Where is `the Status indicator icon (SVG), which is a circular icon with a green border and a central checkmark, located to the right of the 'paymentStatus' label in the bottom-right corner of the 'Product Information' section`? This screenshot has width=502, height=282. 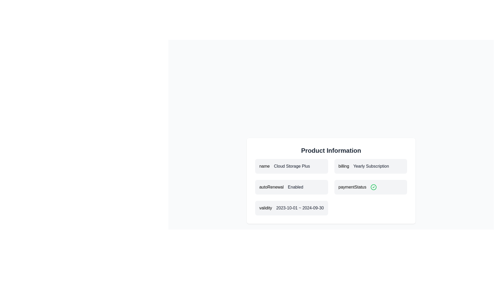
the Status indicator icon (SVG), which is a circular icon with a green border and a central checkmark, located to the right of the 'paymentStatus' label in the bottom-right corner of the 'Product Information' section is located at coordinates (373, 187).